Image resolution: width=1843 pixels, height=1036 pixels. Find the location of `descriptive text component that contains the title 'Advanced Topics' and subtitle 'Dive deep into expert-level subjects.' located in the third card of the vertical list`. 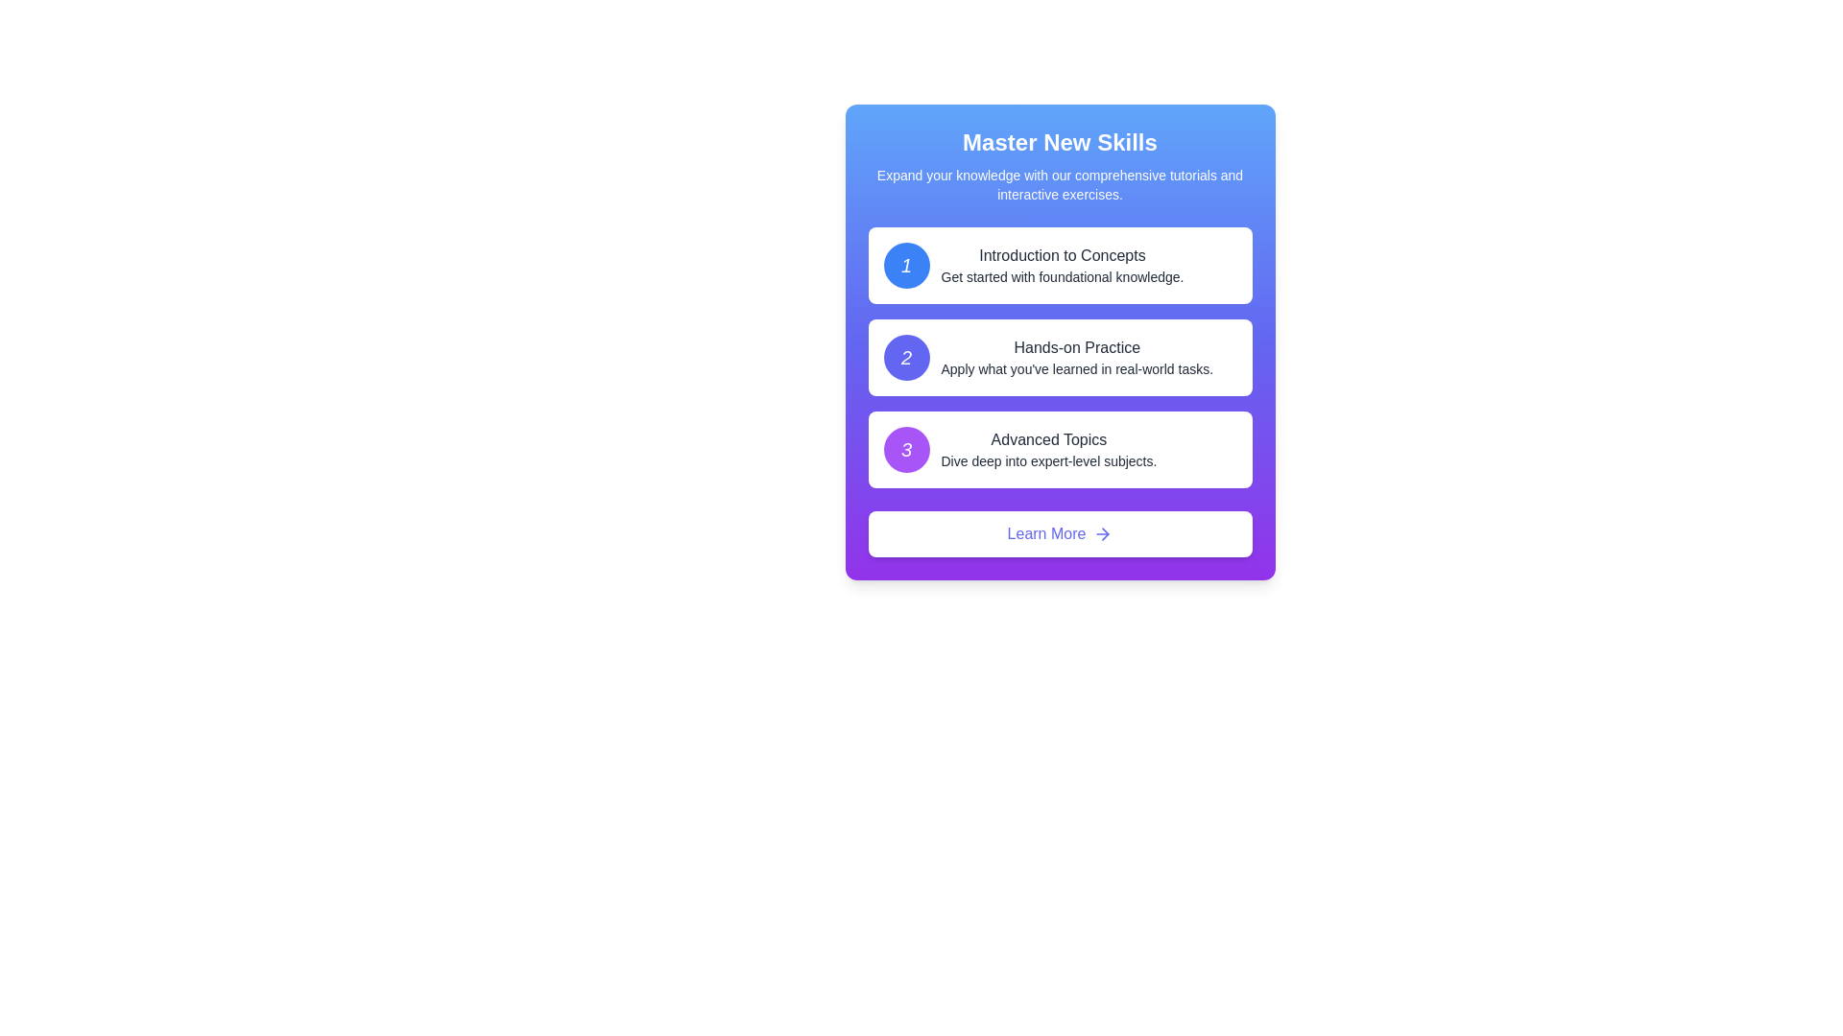

descriptive text component that contains the title 'Advanced Topics' and subtitle 'Dive deep into expert-level subjects.' located in the third card of the vertical list is located at coordinates (1047, 450).